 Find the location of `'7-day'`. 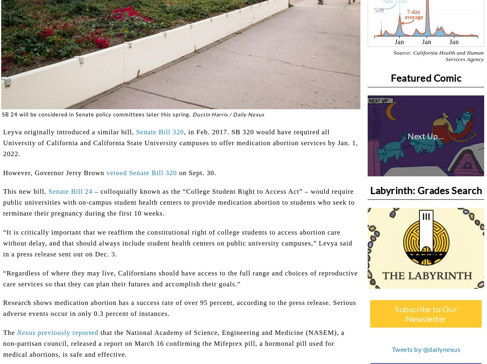

'7-day' is located at coordinates (413, 11).